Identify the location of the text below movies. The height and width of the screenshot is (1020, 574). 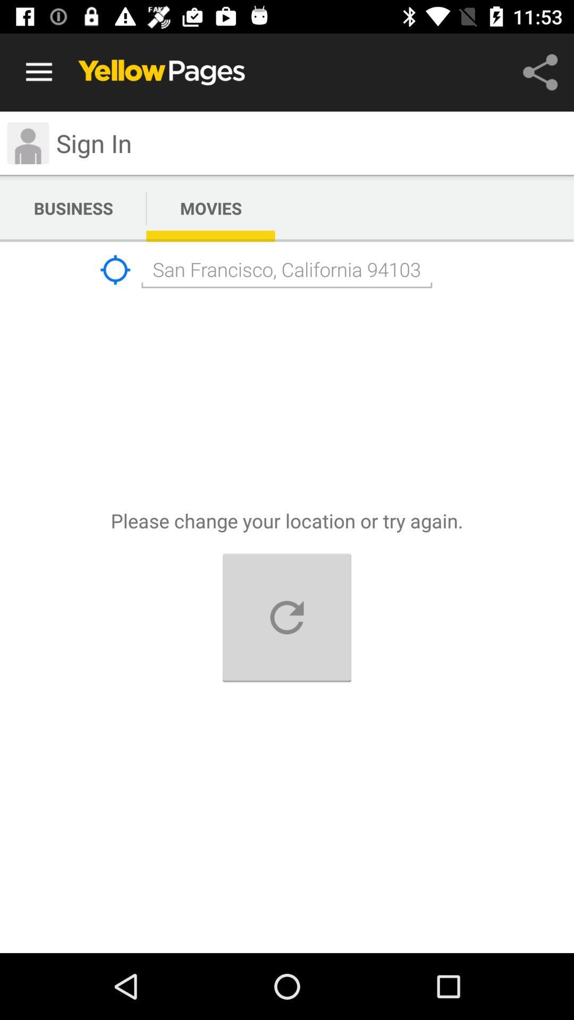
(287, 270).